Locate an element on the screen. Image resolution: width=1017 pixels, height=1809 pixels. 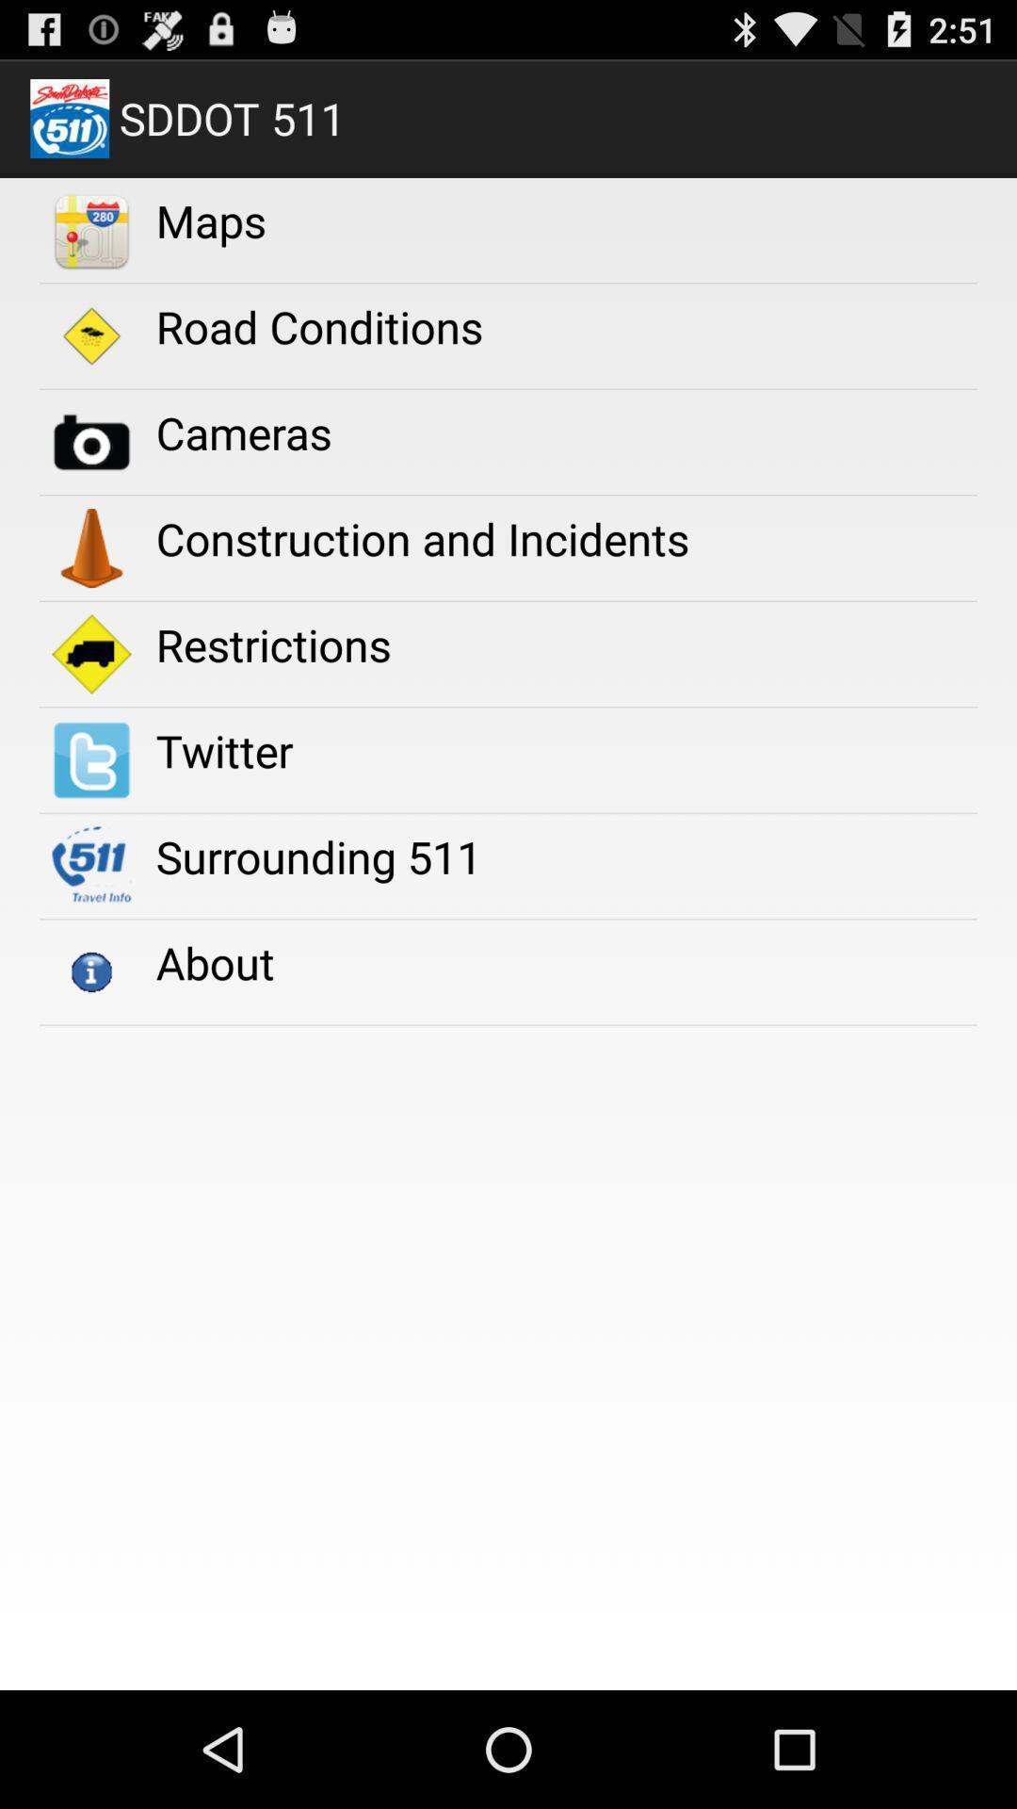
cameras is located at coordinates (243, 432).